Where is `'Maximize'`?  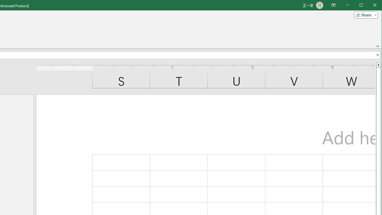
'Maximize' is located at coordinates (369, 6).